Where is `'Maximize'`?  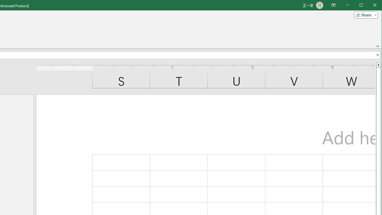
'Maximize' is located at coordinates (369, 6).